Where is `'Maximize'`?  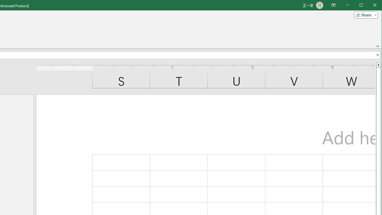
'Maximize' is located at coordinates (369, 6).